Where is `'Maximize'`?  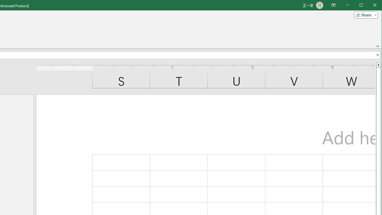
'Maximize' is located at coordinates (369, 6).